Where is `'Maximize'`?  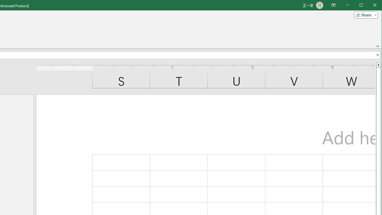
'Maximize' is located at coordinates (369, 6).